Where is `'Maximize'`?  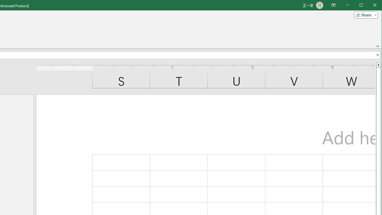
'Maximize' is located at coordinates (369, 6).